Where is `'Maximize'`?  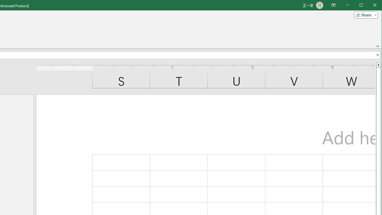
'Maximize' is located at coordinates (369, 6).